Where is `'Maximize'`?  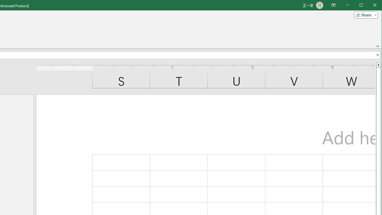
'Maximize' is located at coordinates (369, 6).